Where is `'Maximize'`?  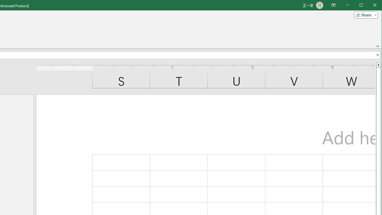
'Maximize' is located at coordinates (369, 6).